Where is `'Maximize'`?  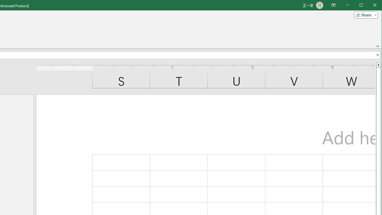
'Maximize' is located at coordinates (369, 6).